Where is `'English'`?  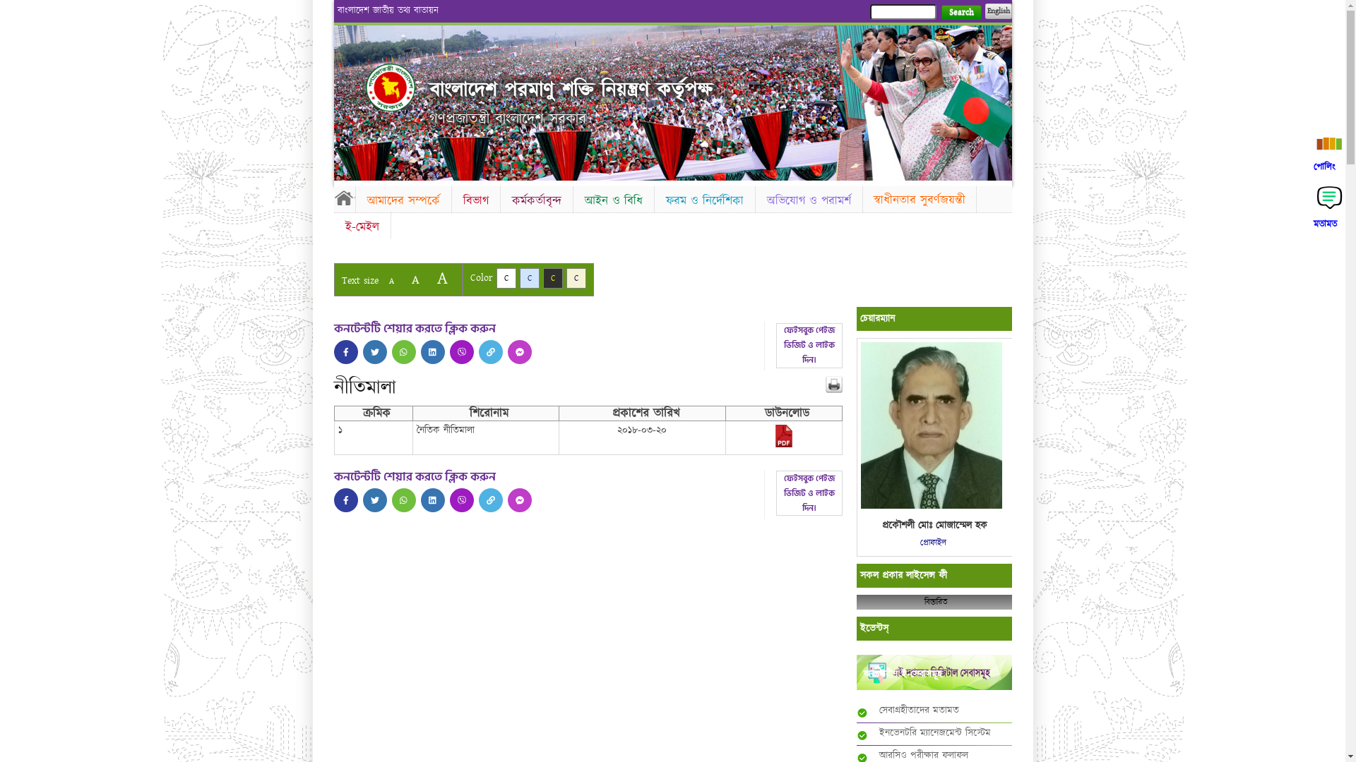
'English' is located at coordinates (997, 11).